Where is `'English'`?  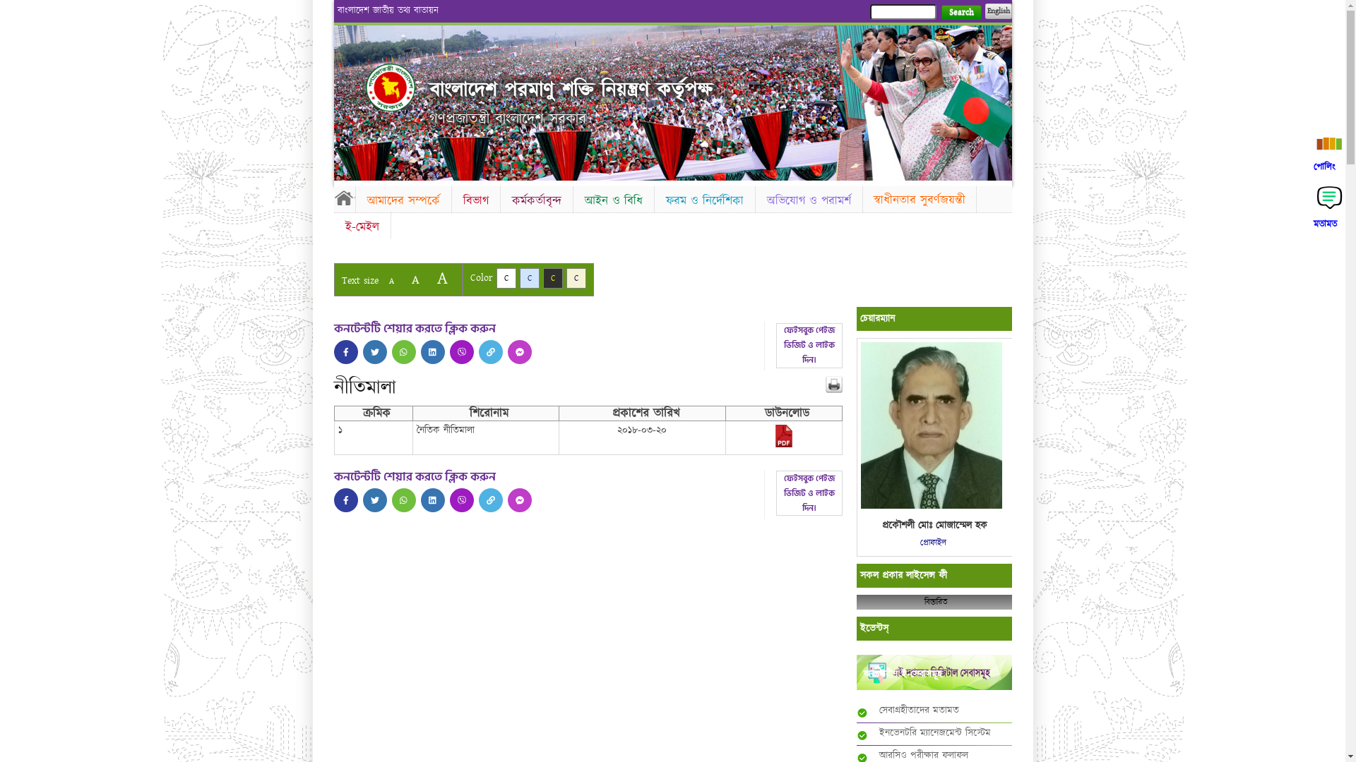
'English' is located at coordinates (997, 11).